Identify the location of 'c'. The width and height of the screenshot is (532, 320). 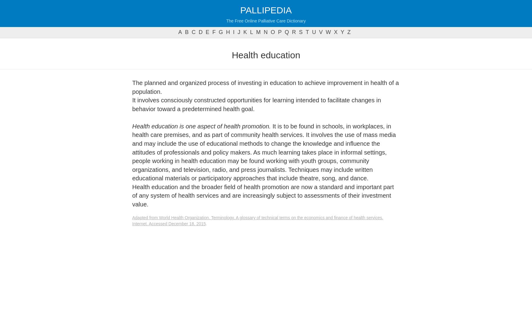
(191, 32).